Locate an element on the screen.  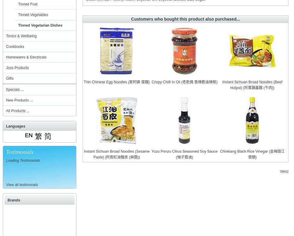
'Specials ...' is located at coordinates (15, 89).